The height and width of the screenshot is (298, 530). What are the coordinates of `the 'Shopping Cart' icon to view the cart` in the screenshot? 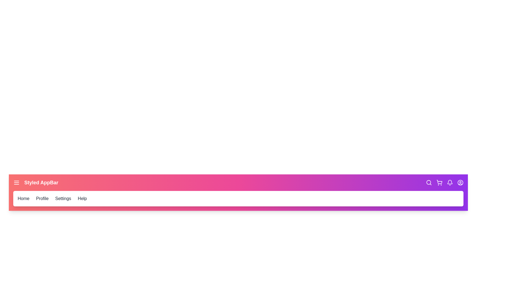 It's located at (439, 183).